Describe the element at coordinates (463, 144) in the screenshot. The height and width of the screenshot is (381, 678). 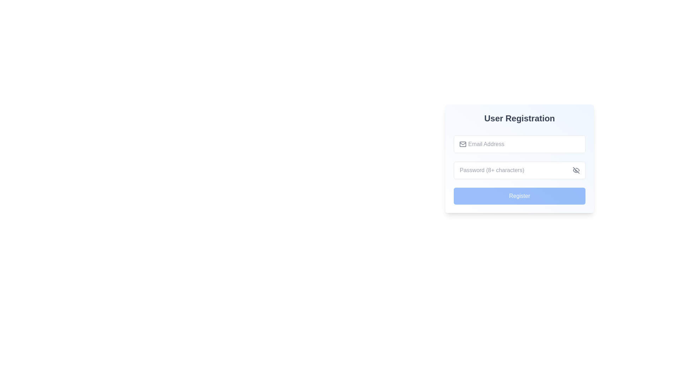
I see `the decorative email icon located to the left of the email input field in the 'User Registration' form, which provides a visual cue for the input box` at that location.